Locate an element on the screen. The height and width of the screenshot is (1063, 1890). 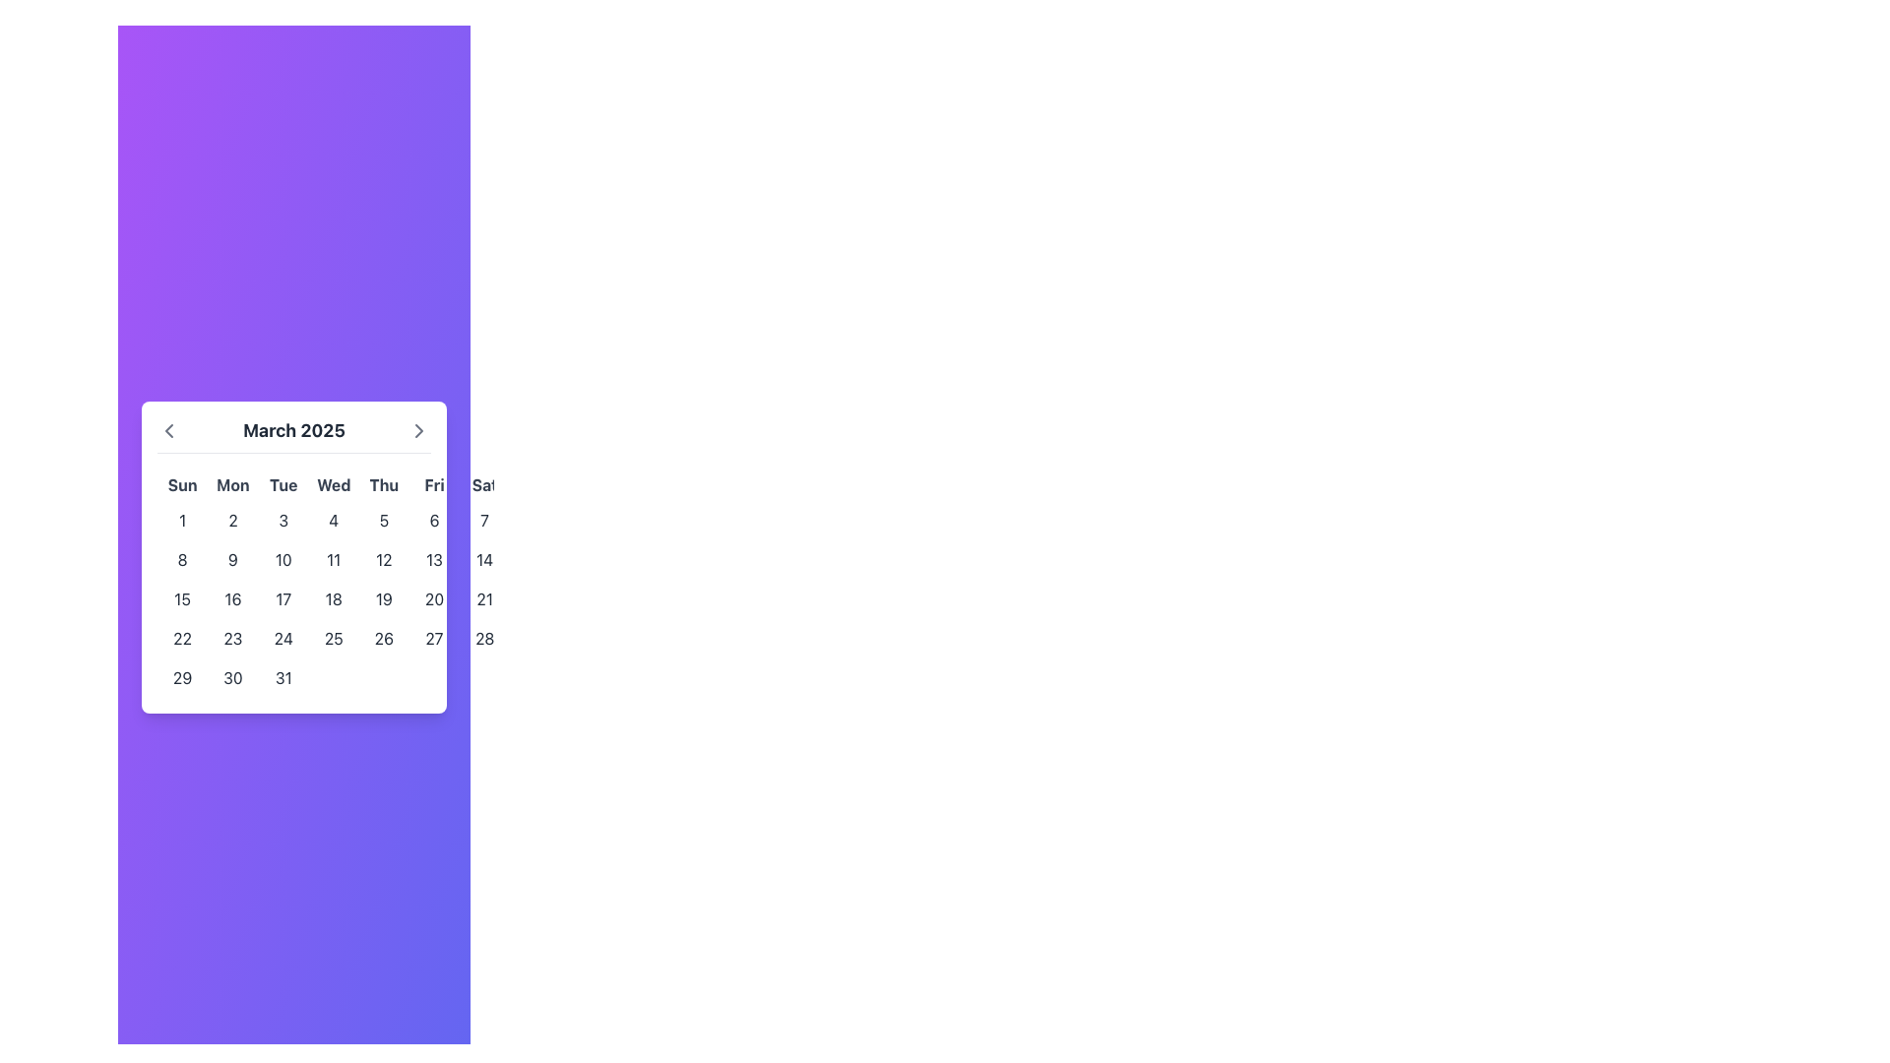
the text label displaying 'Sun', which is the first day label in the calendar header is located at coordinates (182, 484).